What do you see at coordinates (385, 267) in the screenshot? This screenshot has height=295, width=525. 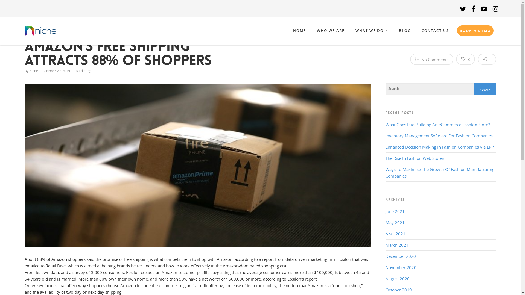 I see `'November 2020'` at bounding box center [385, 267].